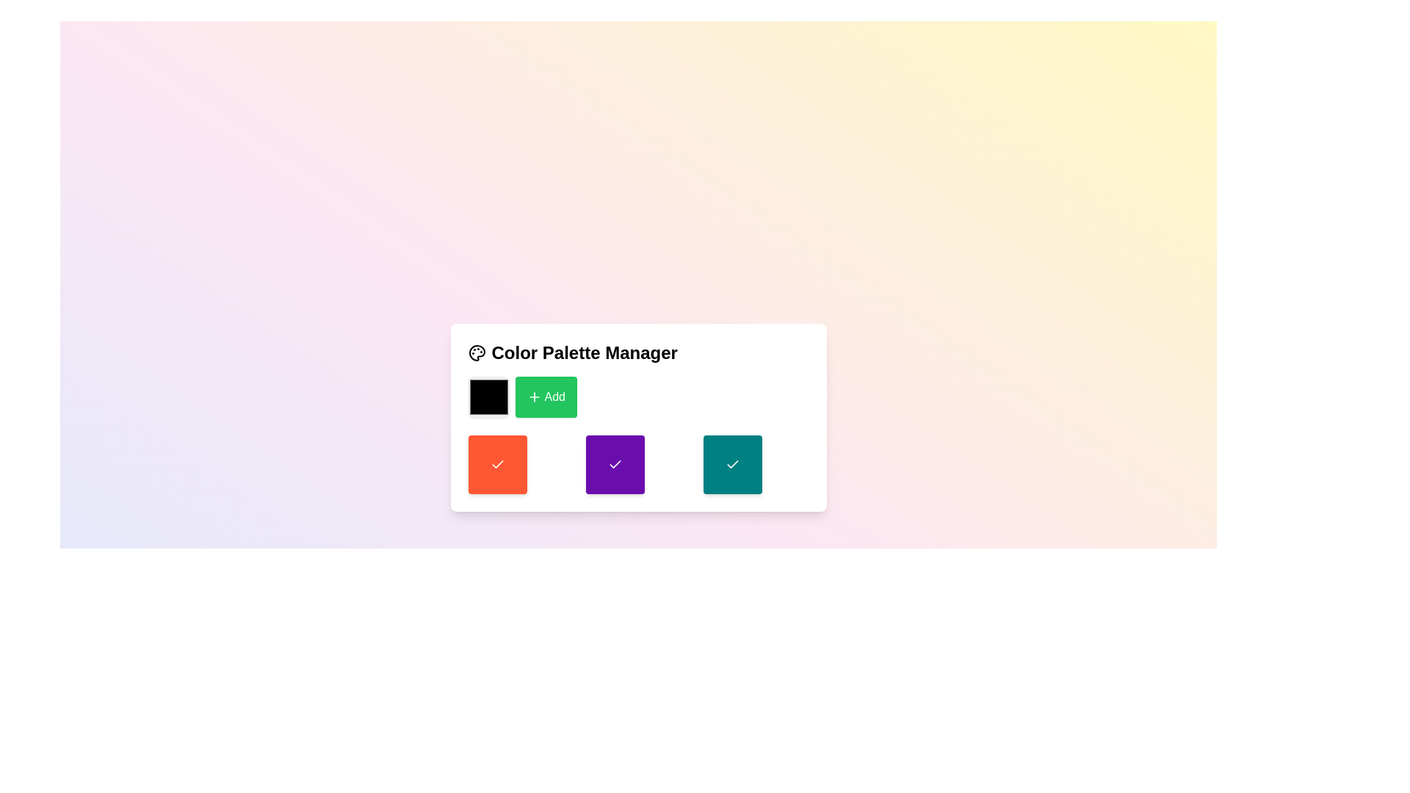  Describe the element at coordinates (477, 353) in the screenshot. I see `the paint palette icon located at the top-left corner of the 'Color Palette Manager' panel` at that location.